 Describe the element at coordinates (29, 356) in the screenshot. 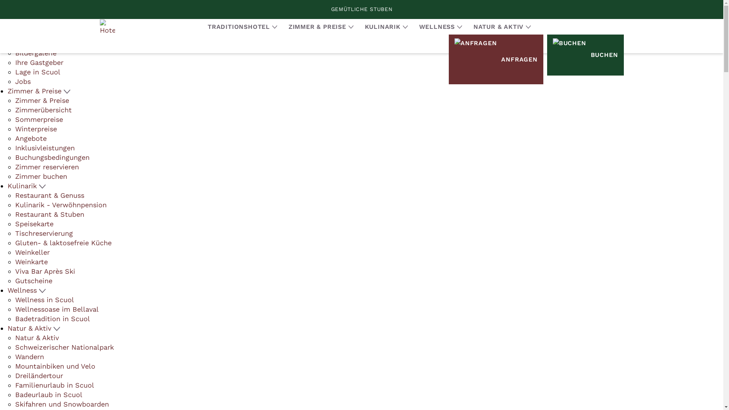

I see `'Wandern'` at that location.